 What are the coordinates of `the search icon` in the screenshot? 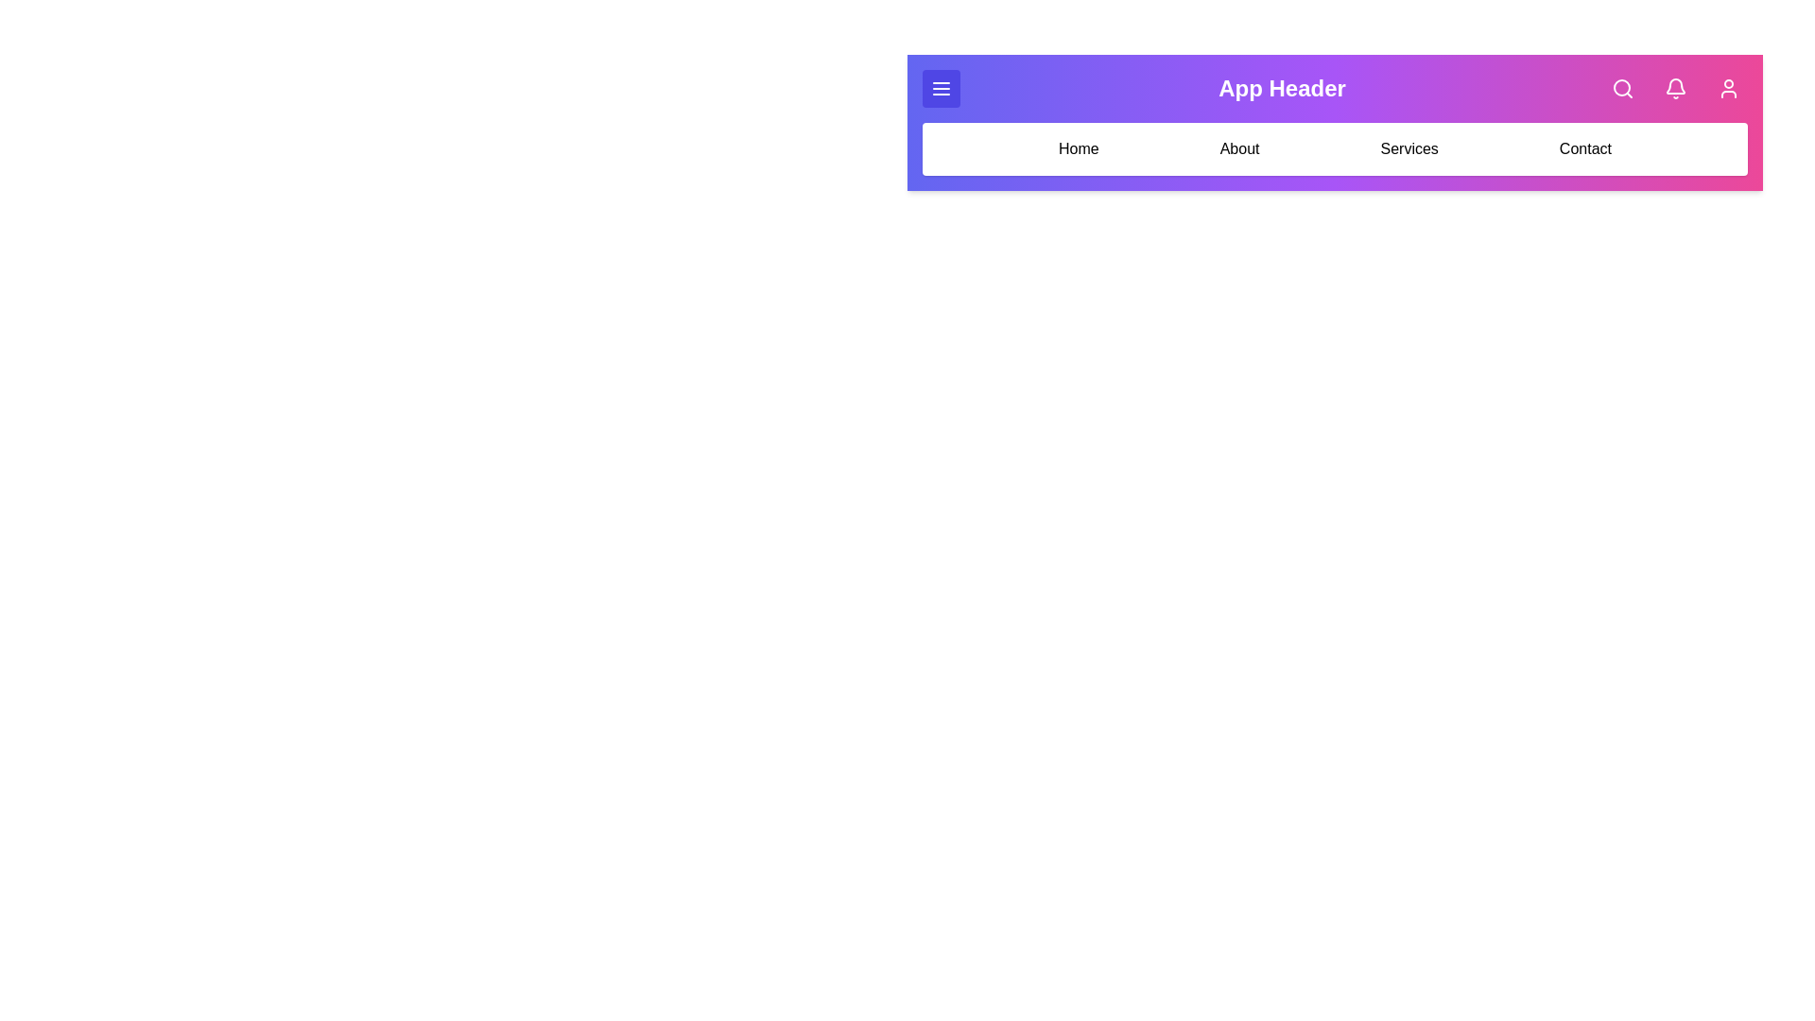 It's located at (1622, 88).